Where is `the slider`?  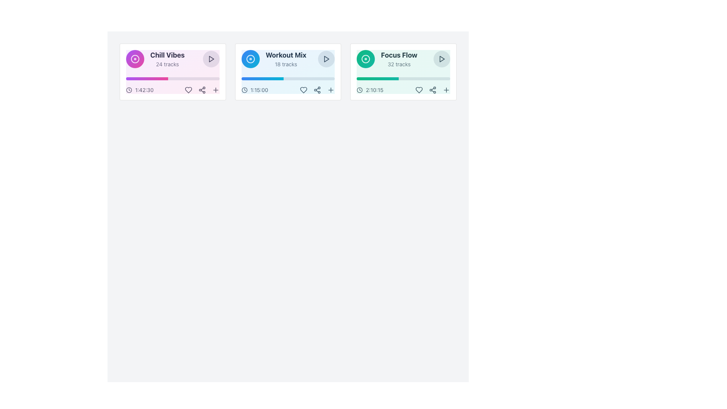
the slider is located at coordinates (250, 79).